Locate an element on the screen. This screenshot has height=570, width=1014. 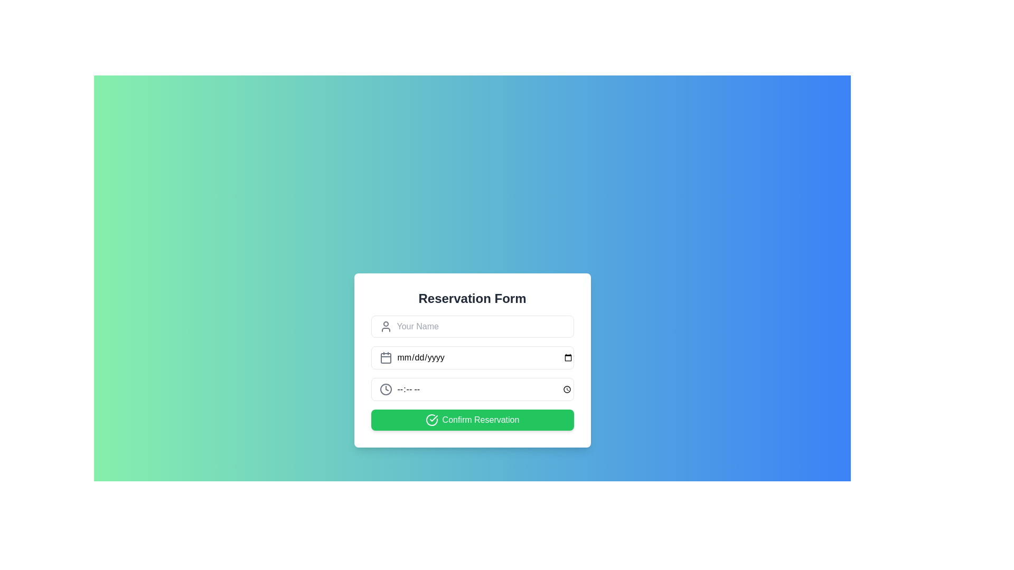
the decorative SVG Icon that indicates the adjacent text input field for entering a user's name is located at coordinates (385, 326).